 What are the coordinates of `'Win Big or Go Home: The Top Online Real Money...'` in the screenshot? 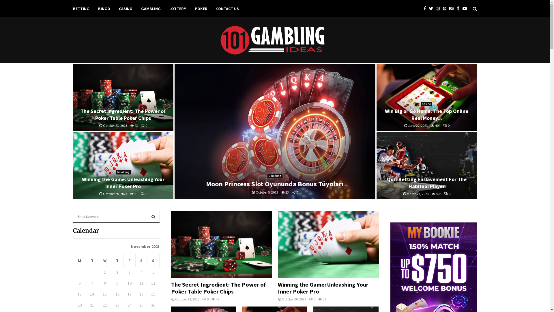 It's located at (426, 114).